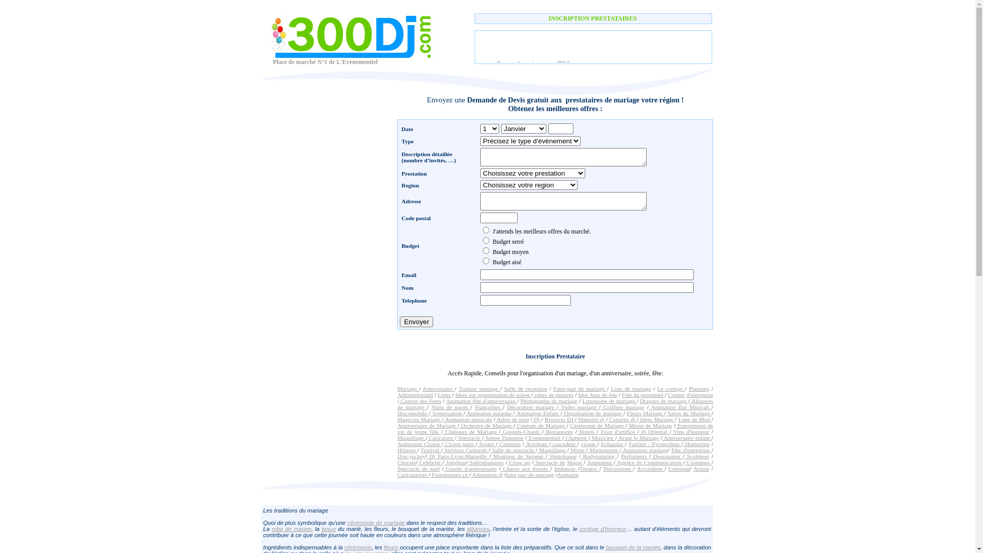 The height and width of the screenshot is (553, 983). I want to click on 'Mariage', so click(407, 389).